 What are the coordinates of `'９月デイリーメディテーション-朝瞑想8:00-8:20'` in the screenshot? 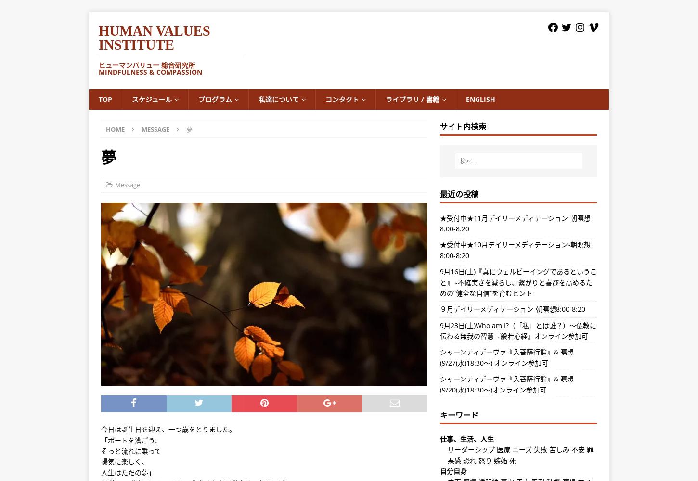 It's located at (439, 309).